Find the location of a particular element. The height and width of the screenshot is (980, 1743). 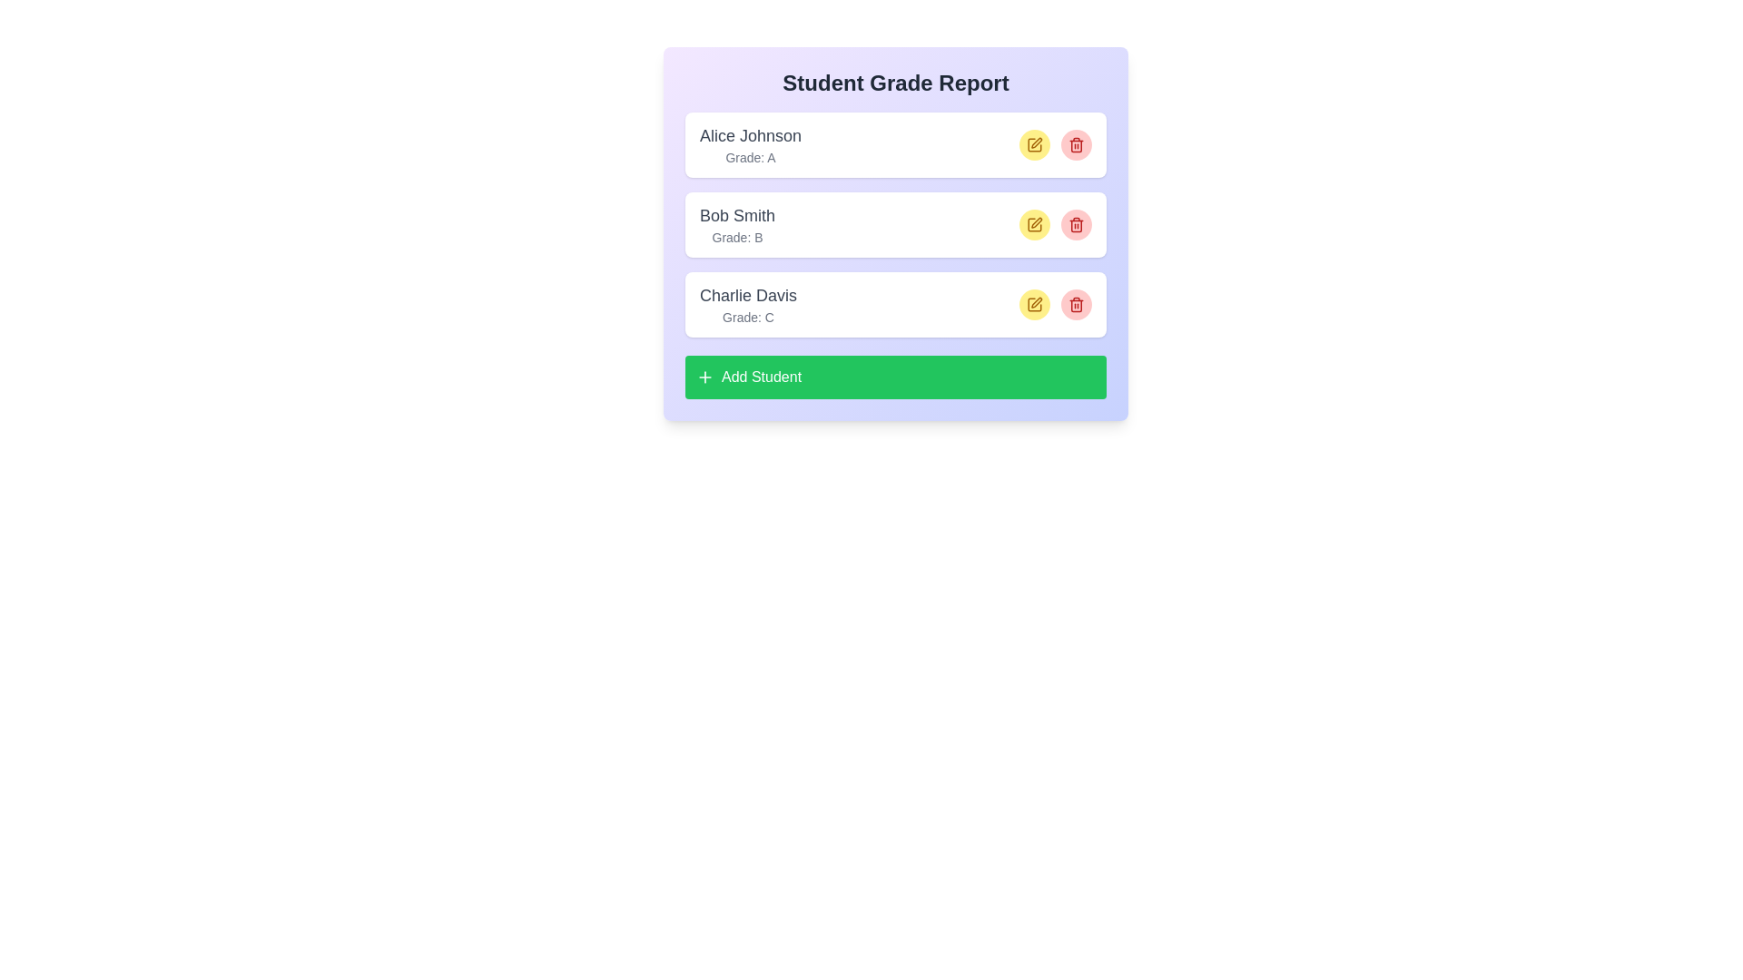

the 'Add Student' button to add a new student to the list is located at coordinates (896, 377).